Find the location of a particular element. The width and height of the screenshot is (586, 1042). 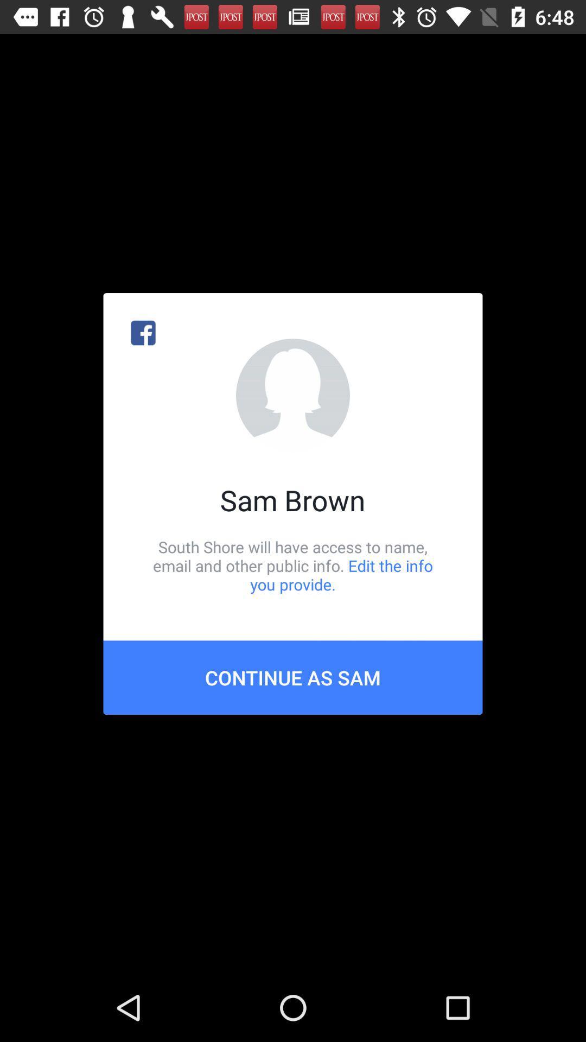

item below sam brown item is located at coordinates (293, 565).